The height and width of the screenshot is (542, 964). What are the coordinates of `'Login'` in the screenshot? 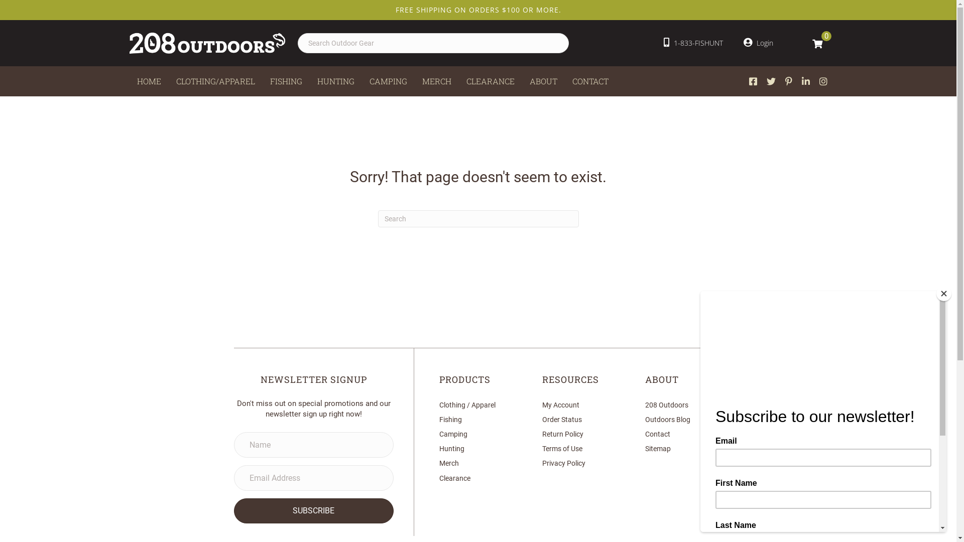 It's located at (758, 42).